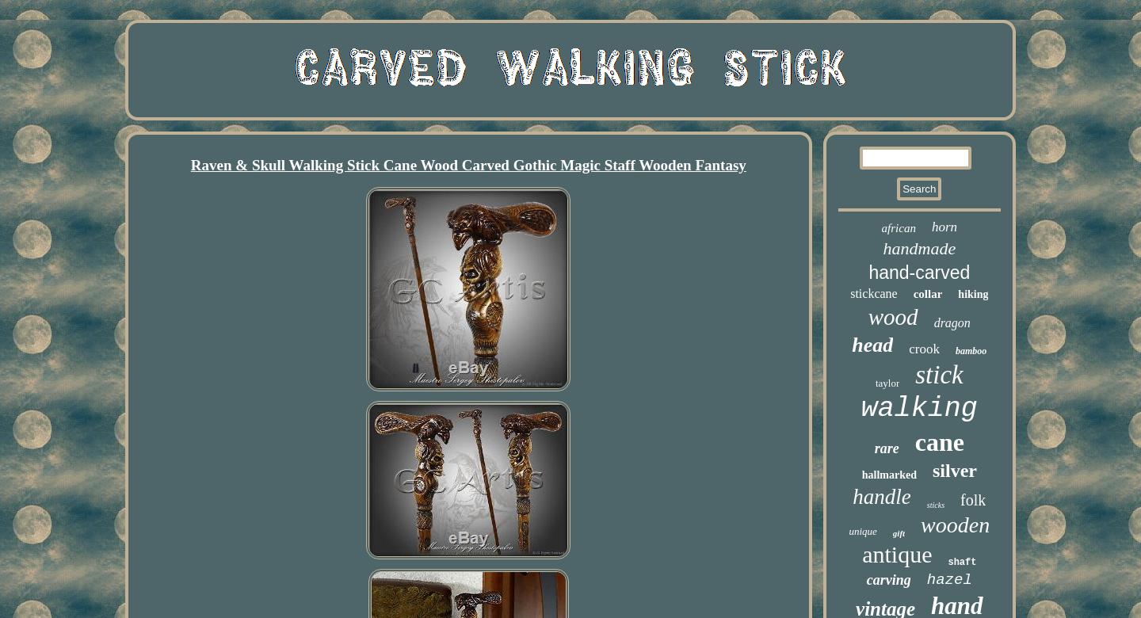 The width and height of the screenshot is (1141, 618). I want to click on 'handle', so click(852, 496).